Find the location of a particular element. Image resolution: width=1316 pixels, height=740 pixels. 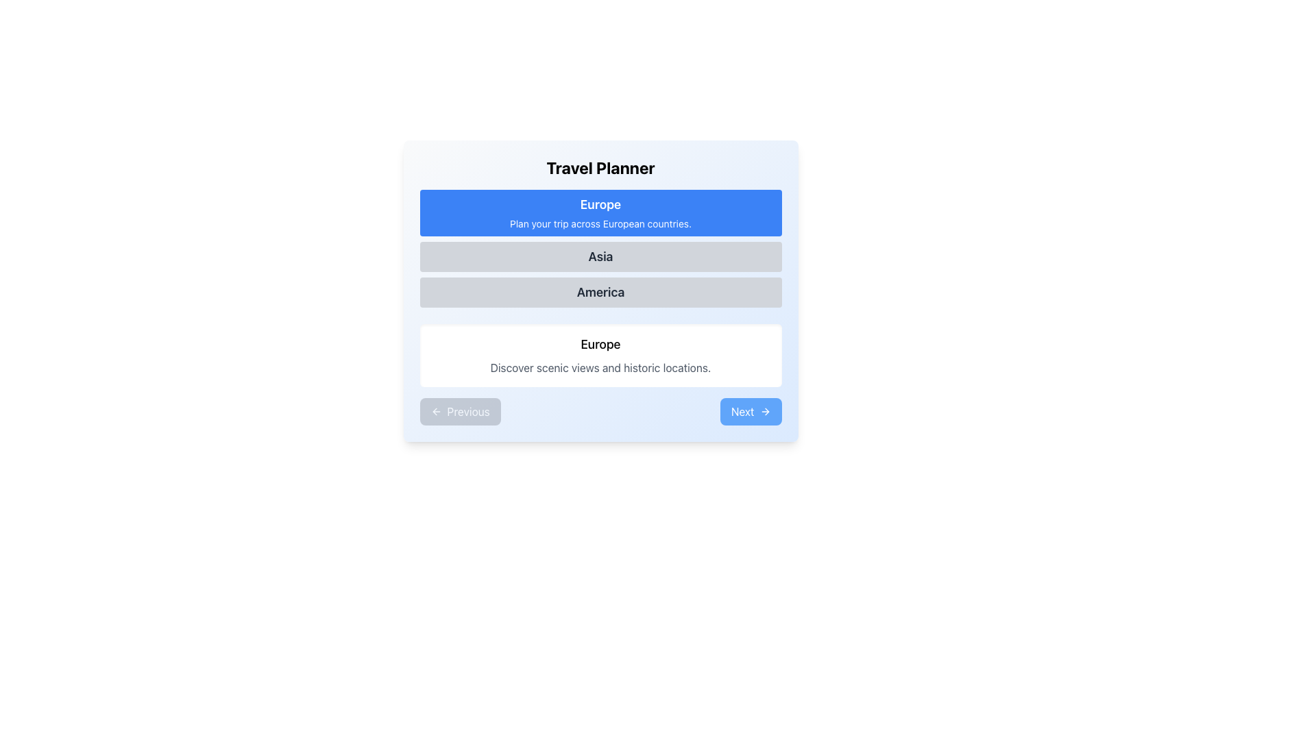

the icon located inside the 'Next' button at the bottom-right corner of the interface, indicating progression to the next page is located at coordinates (764, 411).